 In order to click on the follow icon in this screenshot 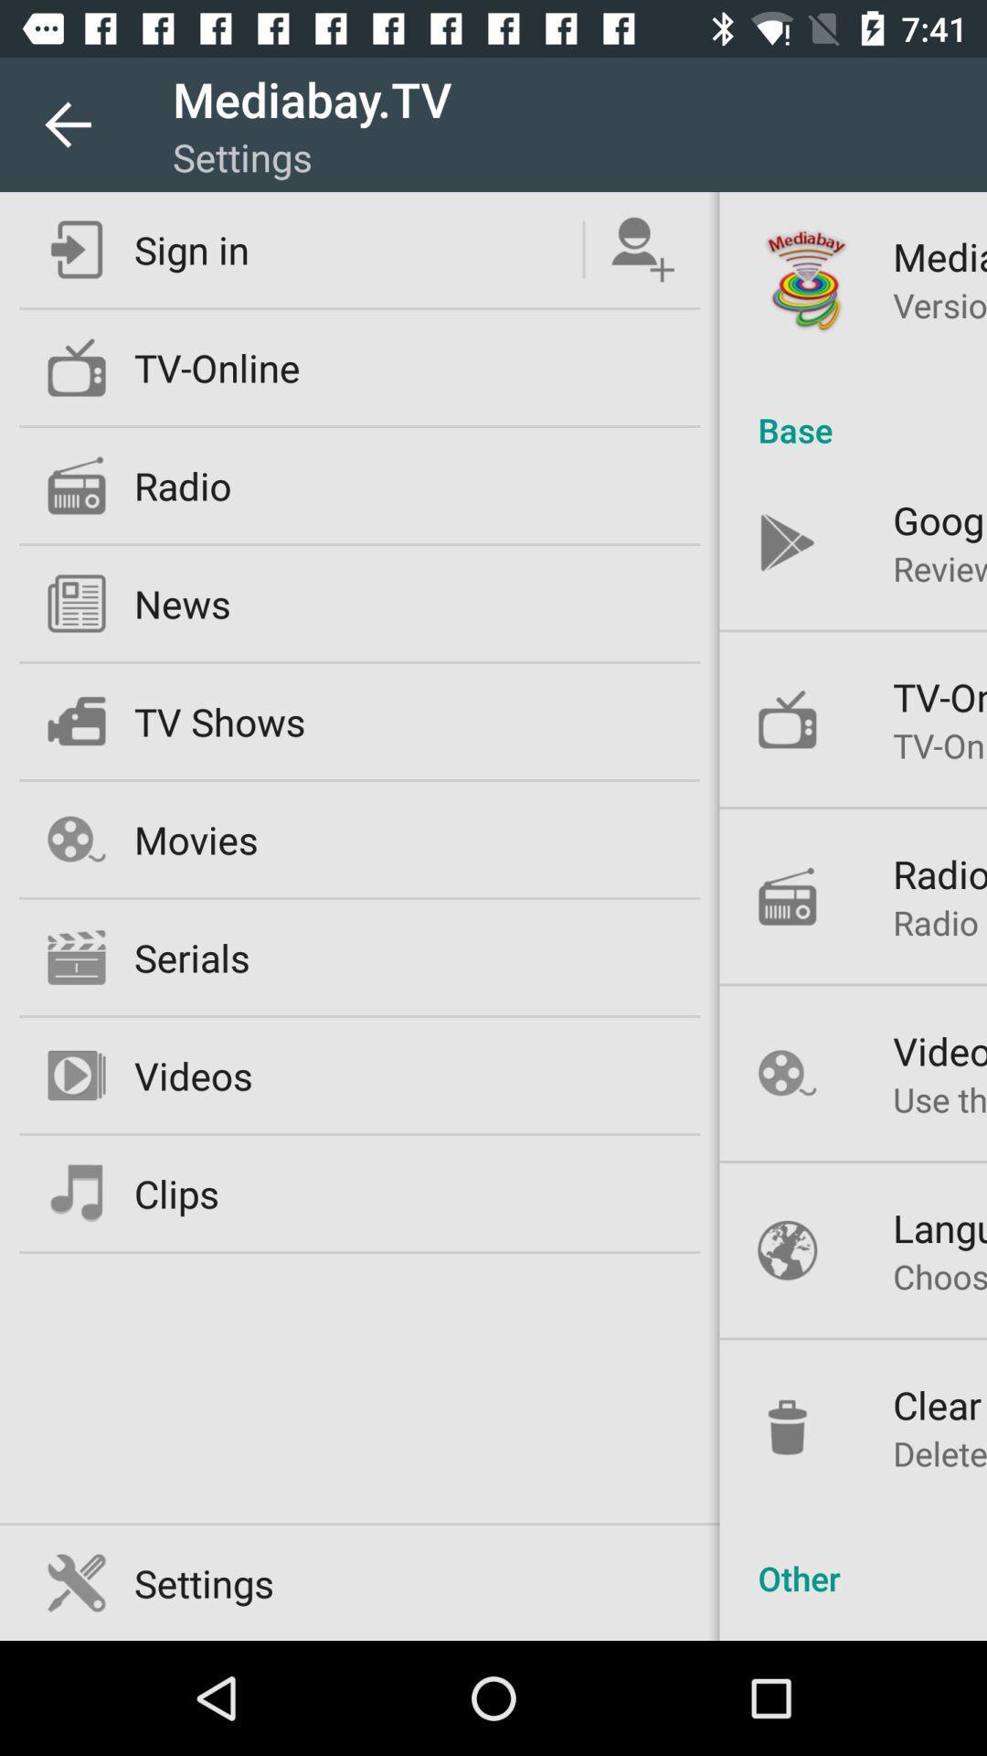, I will do `click(642, 249)`.